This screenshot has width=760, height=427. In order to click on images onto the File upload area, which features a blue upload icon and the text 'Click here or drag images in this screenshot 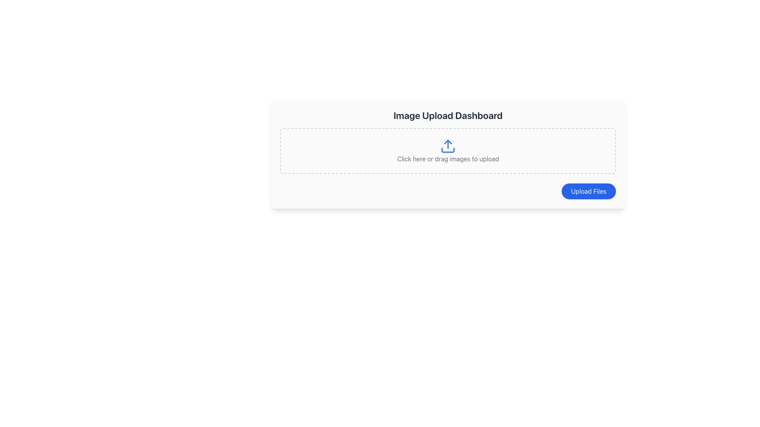, I will do `click(448, 151)`.